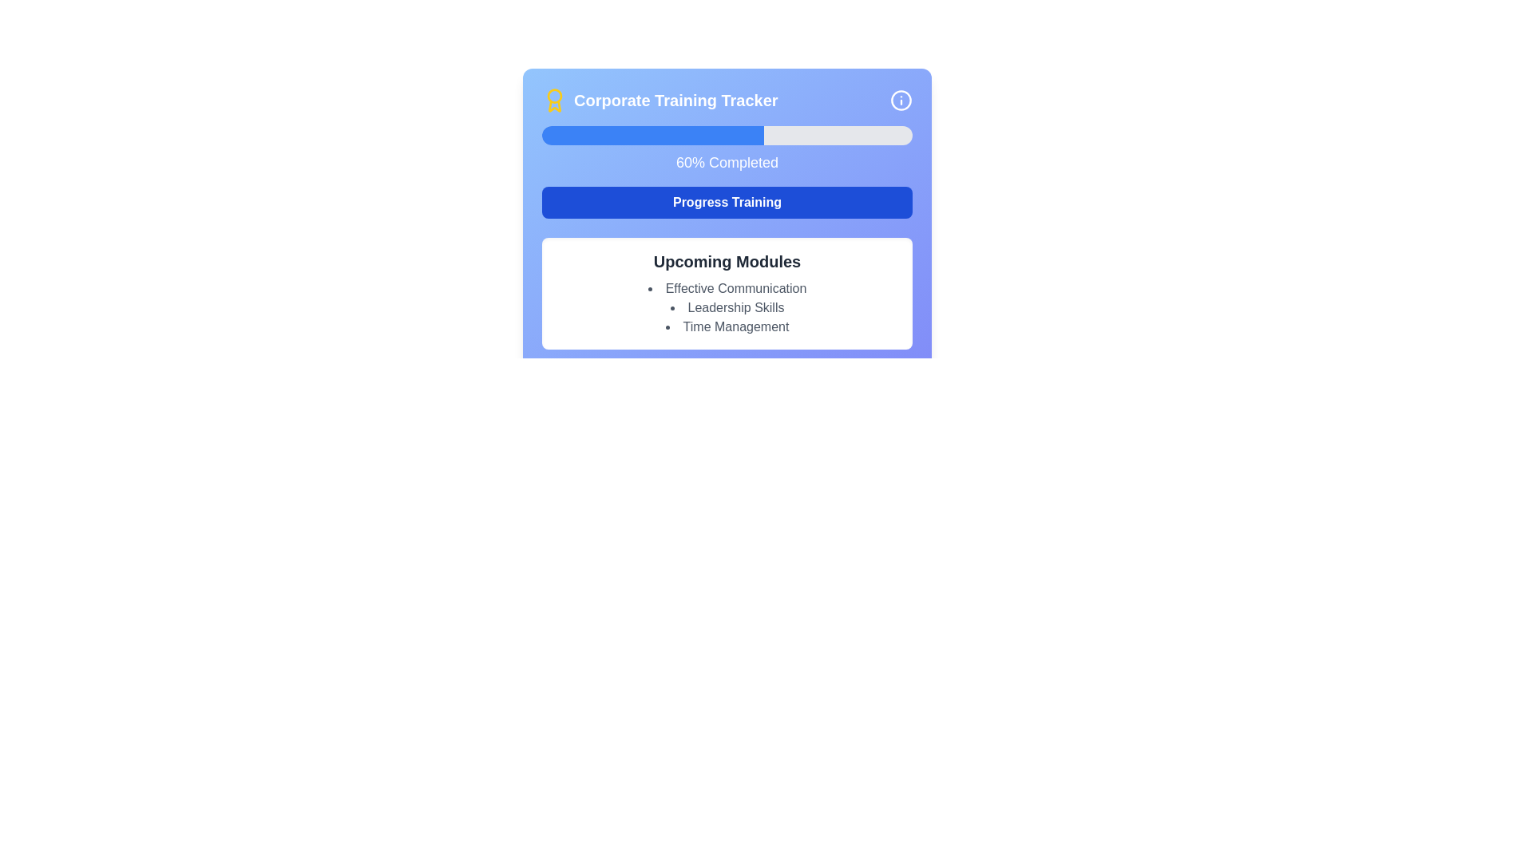  I want to click on the text label 'Leadership Skills' which is the second item in a bulleted list under 'Upcoming Modules', so click(727, 307).